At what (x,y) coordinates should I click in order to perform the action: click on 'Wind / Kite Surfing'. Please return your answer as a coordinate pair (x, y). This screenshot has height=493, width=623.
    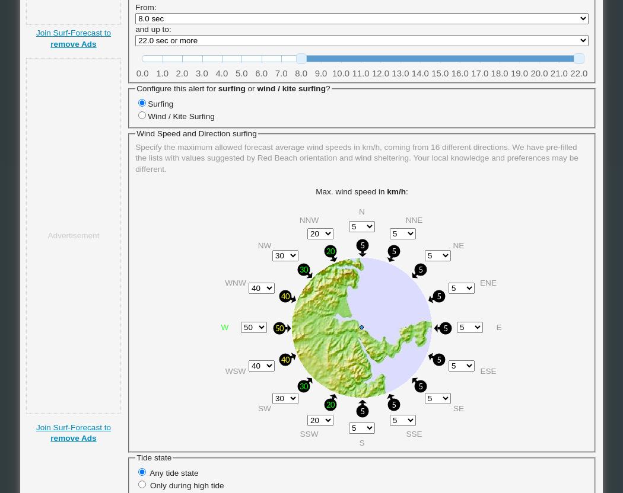
    Looking at the image, I should click on (147, 116).